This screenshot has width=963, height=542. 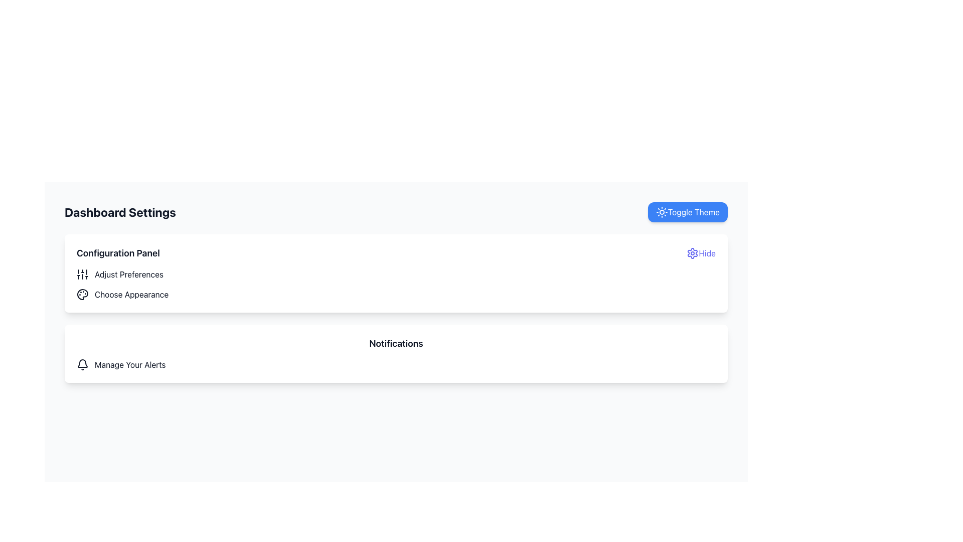 What do you see at coordinates (82, 275) in the screenshot?
I see `the icon of three vertical sliders with circular handles, located to the left of the text 'Adjust Preferences'` at bounding box center [82, 275].